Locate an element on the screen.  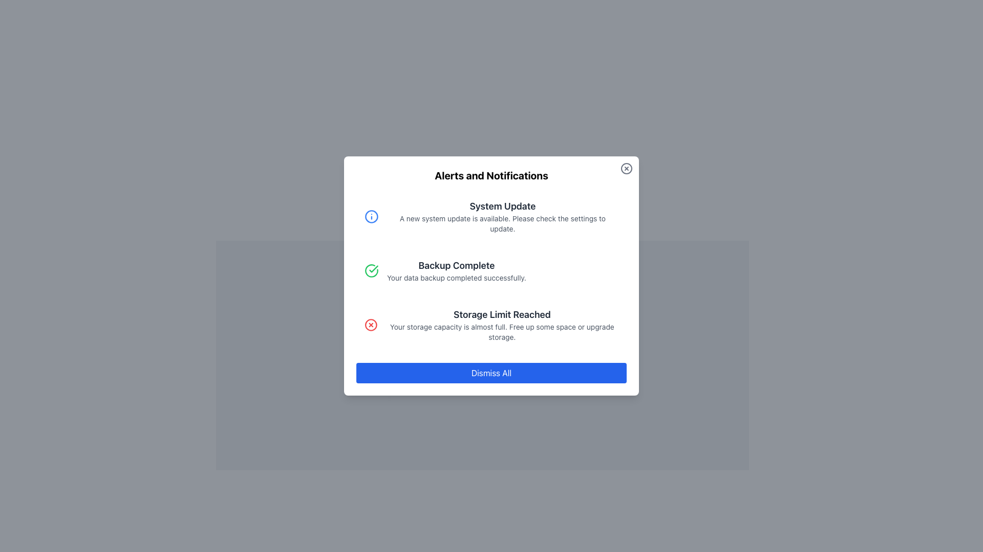
message displayed in the text block stating 'Your storage capacity is almost full. Free up some space or upgrade storage.' located beneath the 'Storage Limit Reached' header is located at coordinates (502, 332).